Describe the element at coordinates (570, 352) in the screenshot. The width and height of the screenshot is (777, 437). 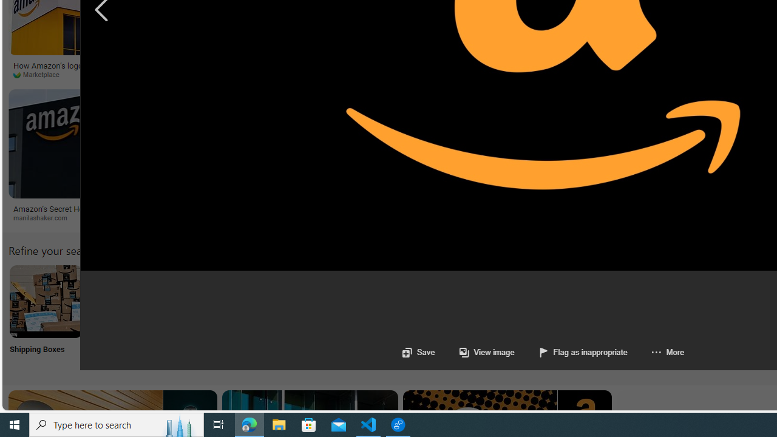
I see `'Flag as inappropriate'` at that location.